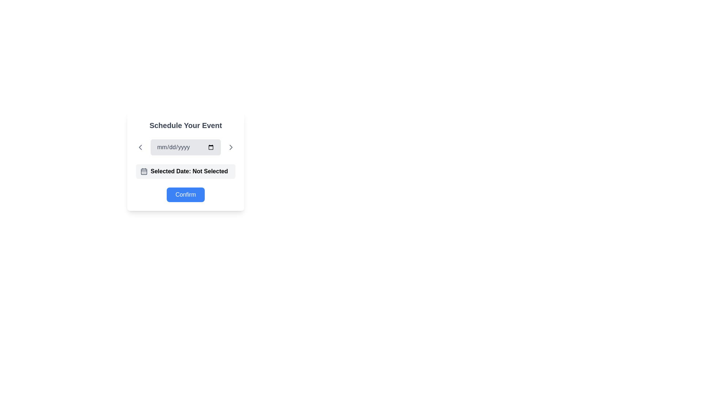 The height and width of the screenshot is (394, 702). I want to click on the leftward chevron navigation icon, so click(140, 147).